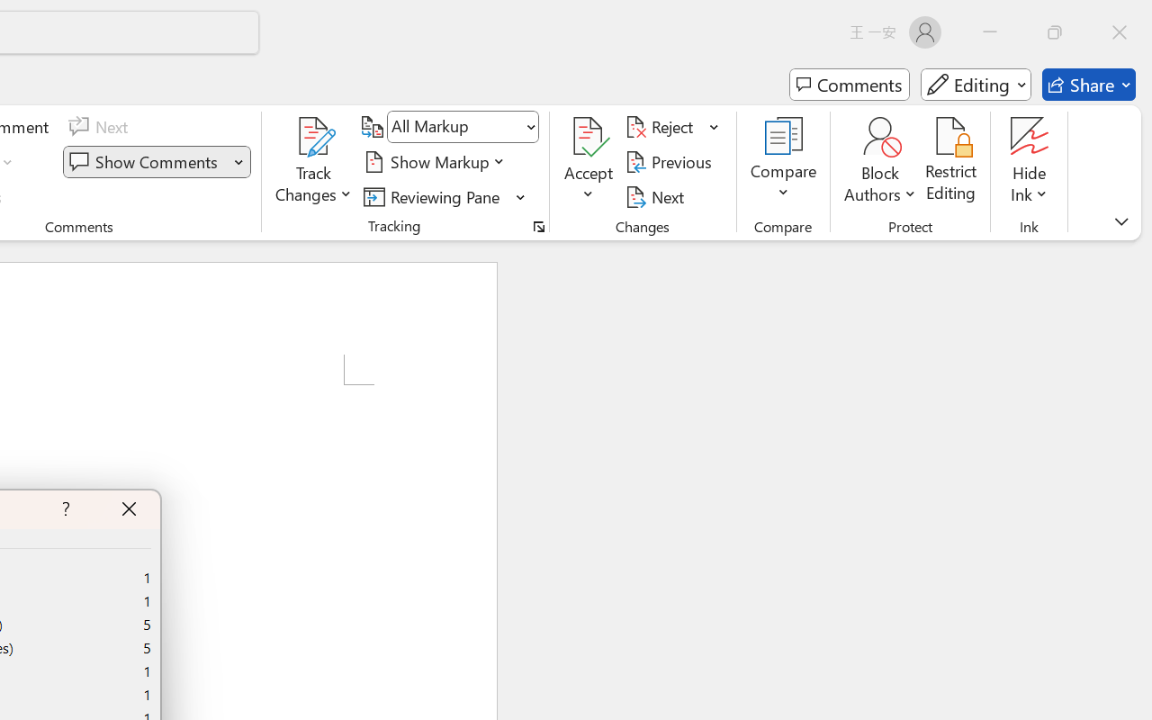 This screenshot has height=720, width=1152. I want to click on 'Show Comments', so click(146, 161).